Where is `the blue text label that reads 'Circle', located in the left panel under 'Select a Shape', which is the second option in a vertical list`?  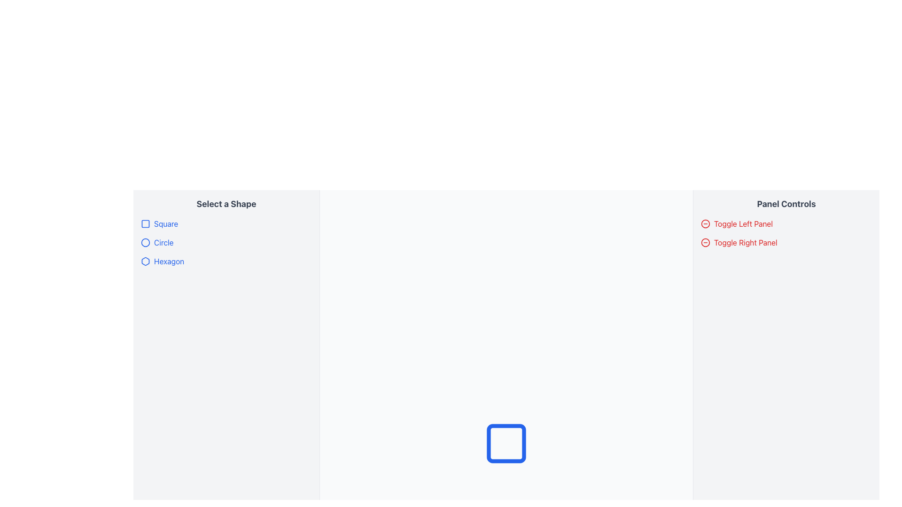 the blue text label that reads 'Circle', located in the left panel under 'Select a Shape', which is the second option in a vertical list is located at coordinates (163, 242).